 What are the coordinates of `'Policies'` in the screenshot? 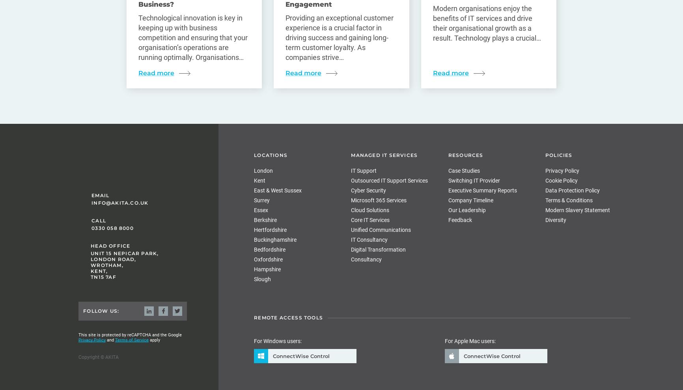 It's located at (558, 155).